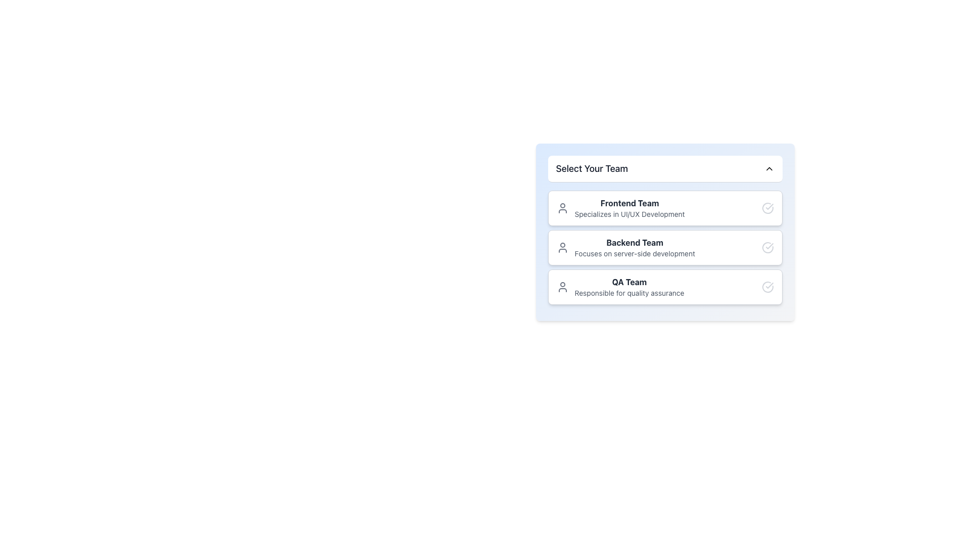  Describe the element at coordinates (629, 203) in the screenshot. I see `the 'Frontend Team' text label to focus on the team details` at that location.